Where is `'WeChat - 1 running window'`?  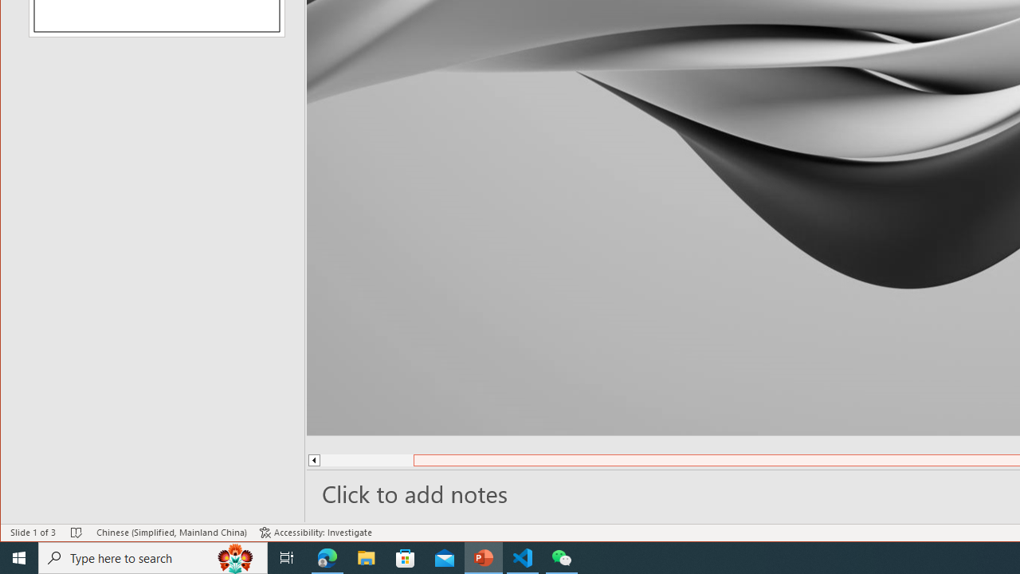
'WeChat - 1 running window' is located at coordinates (562, 556).